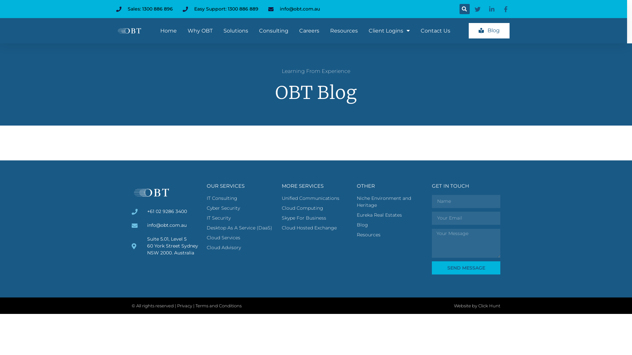 The height and width of the screenshot is (355, 632). What do you see at coordinates (293, 9) in the screenshot?
I see `'info@obt.com.au'` at bounding box center [293, 9].